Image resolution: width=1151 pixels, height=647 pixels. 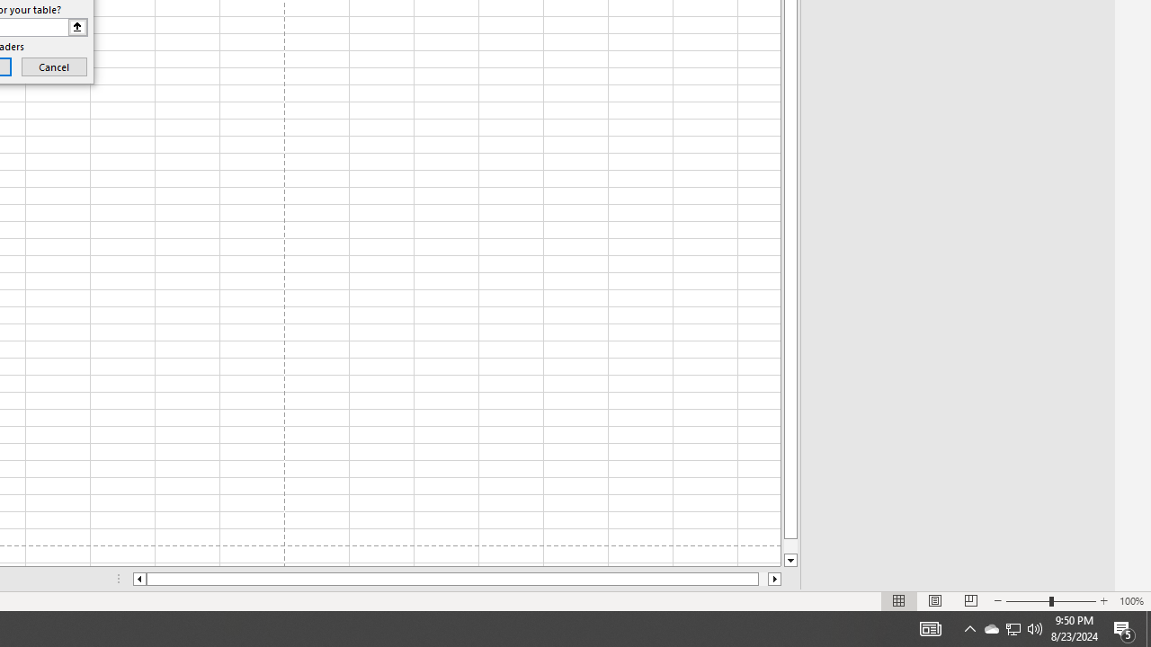 What do you see at coordinates (763, 579) in the screenshot?
I see `'Page right'` at bounding box center [763, 579].